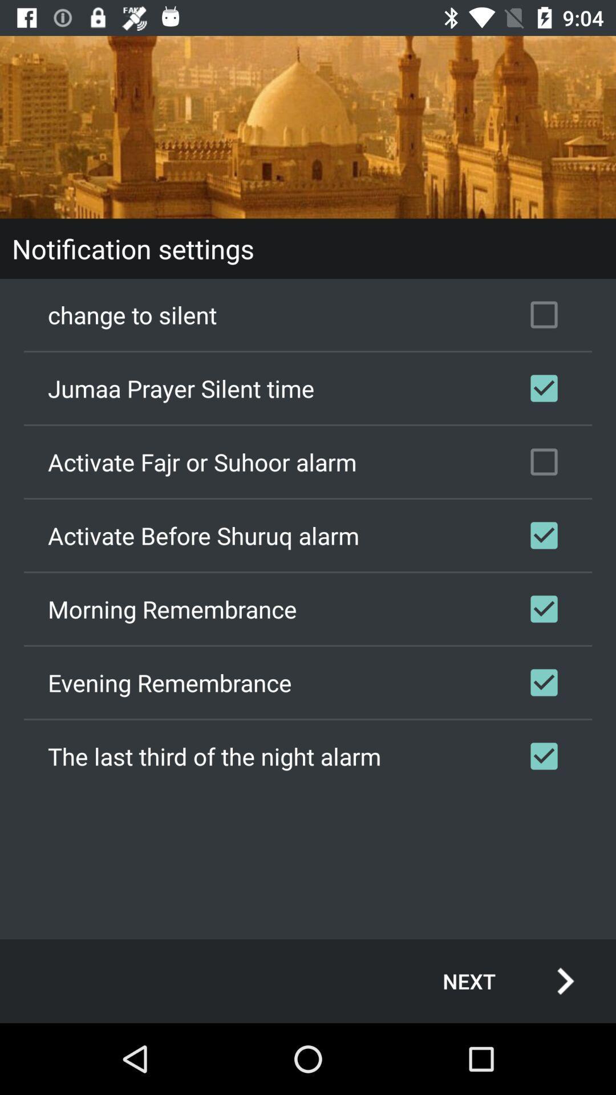 This screenshot has width=616, height=1095. I want to click on the icon above the morning remembrance icon, so click(308, 535).